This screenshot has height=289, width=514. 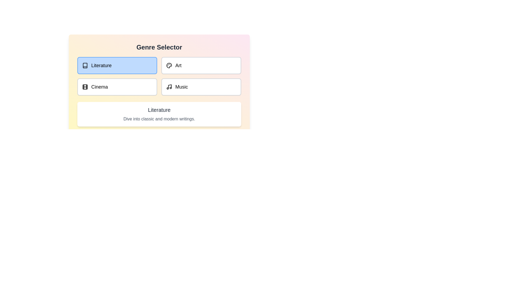 What do you see at coordinates (201, 86) in the screenshot?
I see `the 'Music' genre button located in the bottom-right corner of the Genre Selector section` at bounding box center [201, 86].